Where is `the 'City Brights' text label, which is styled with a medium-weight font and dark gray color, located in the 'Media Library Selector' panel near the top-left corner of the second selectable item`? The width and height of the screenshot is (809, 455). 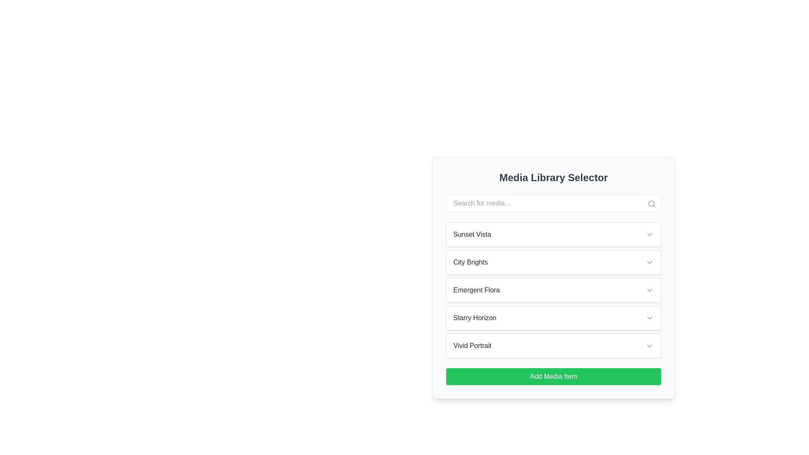
the 'City Brights' text label, which is styled with a medium-weight font and dark gray color, located in the 'Media Library Selector' panel near the top-left corner of the second selectable item is located at coordinates (470, 262).